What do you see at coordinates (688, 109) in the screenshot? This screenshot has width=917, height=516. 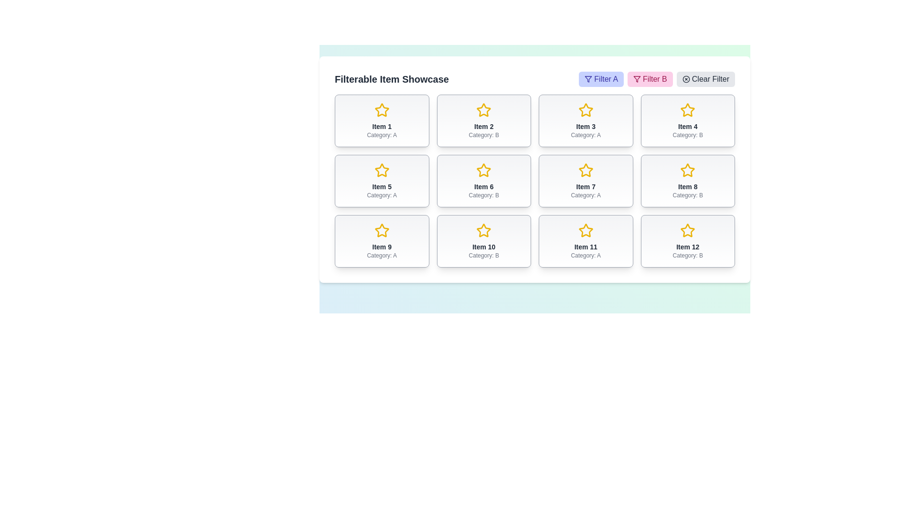 I see `the fourth star icon in the top row of a 4x3 grid, which serves as a rating marker for 'Item 4', to provide feedback or selection` at bounding box center [688, 109].